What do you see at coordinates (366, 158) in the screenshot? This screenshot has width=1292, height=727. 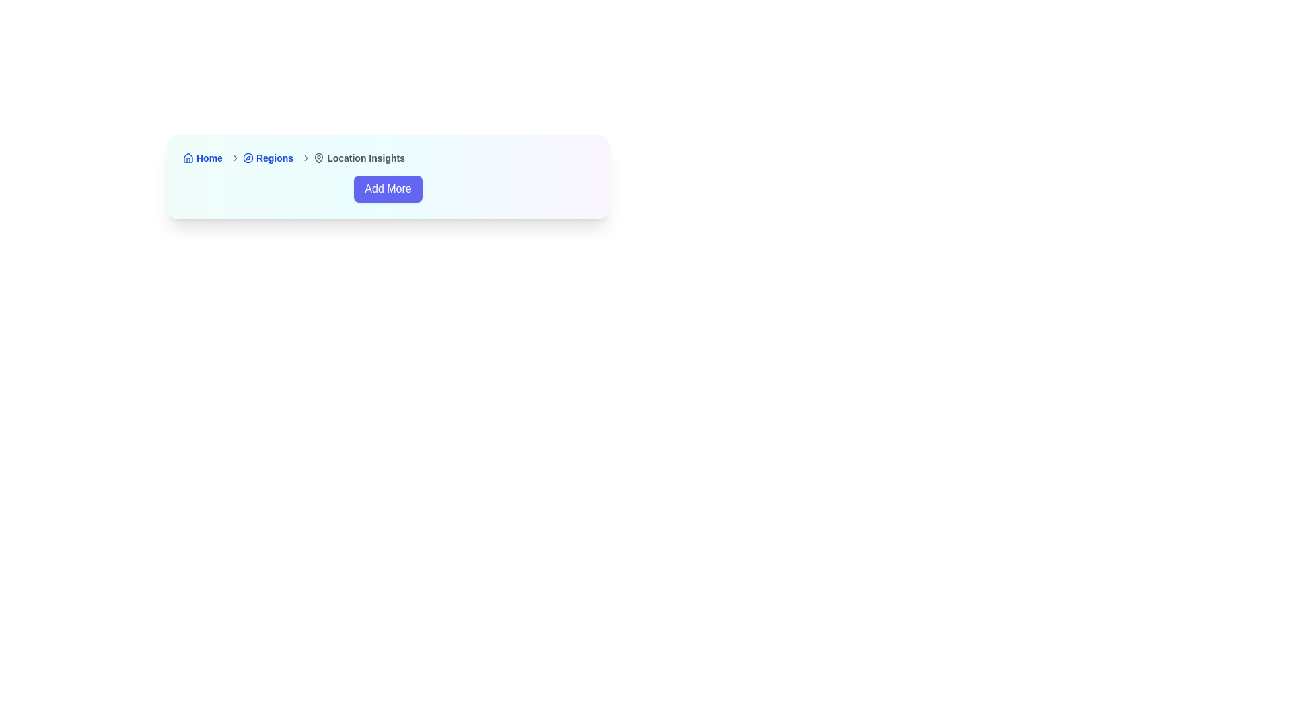 I see `the text label displaying 'Location Insights' which is styled with a bold and smaller font size, located directly to the right of a map pin icon in the breadcrumb navigation bar` at bounding box center [366, 158].